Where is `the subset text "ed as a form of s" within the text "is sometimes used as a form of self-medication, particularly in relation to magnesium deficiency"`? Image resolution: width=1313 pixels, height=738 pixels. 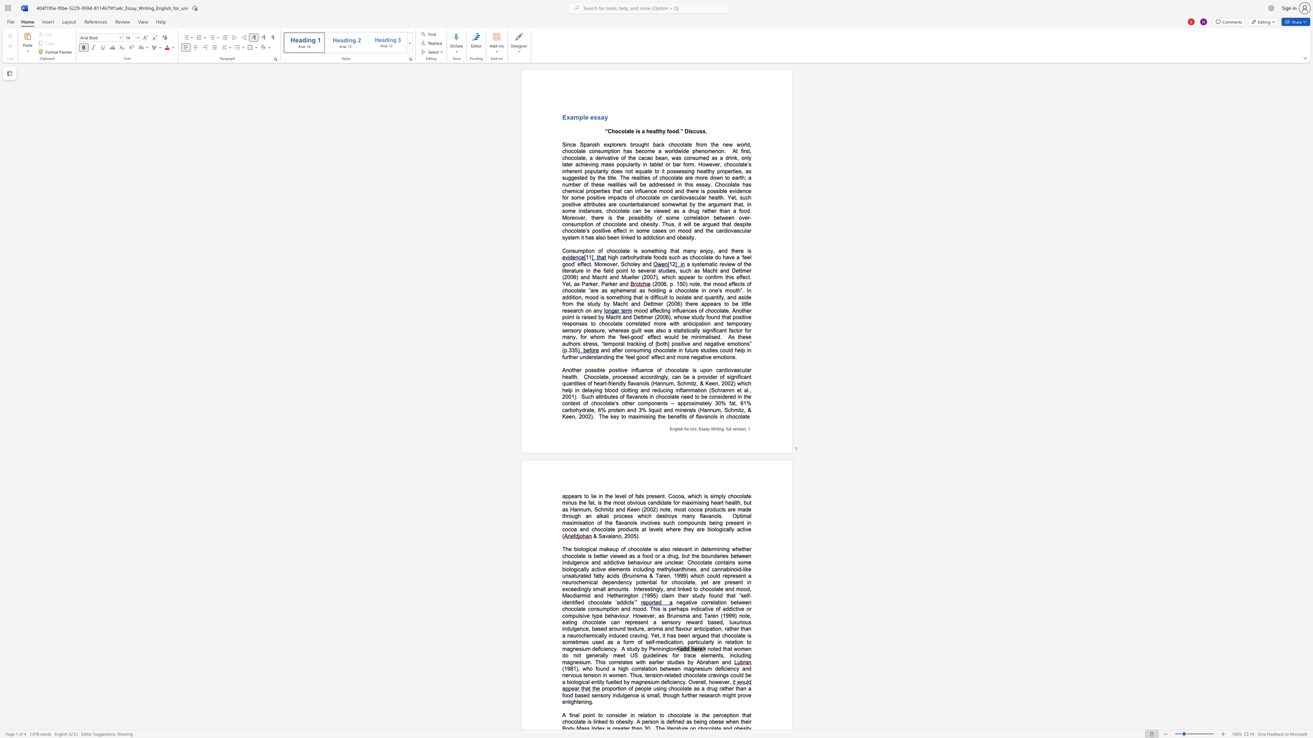
the subset text "ed as a form of s" within the text "is sometimes used as a form of self-medication, particularly in relation to magnesium deficiency" is located at coordinates (597, 642).